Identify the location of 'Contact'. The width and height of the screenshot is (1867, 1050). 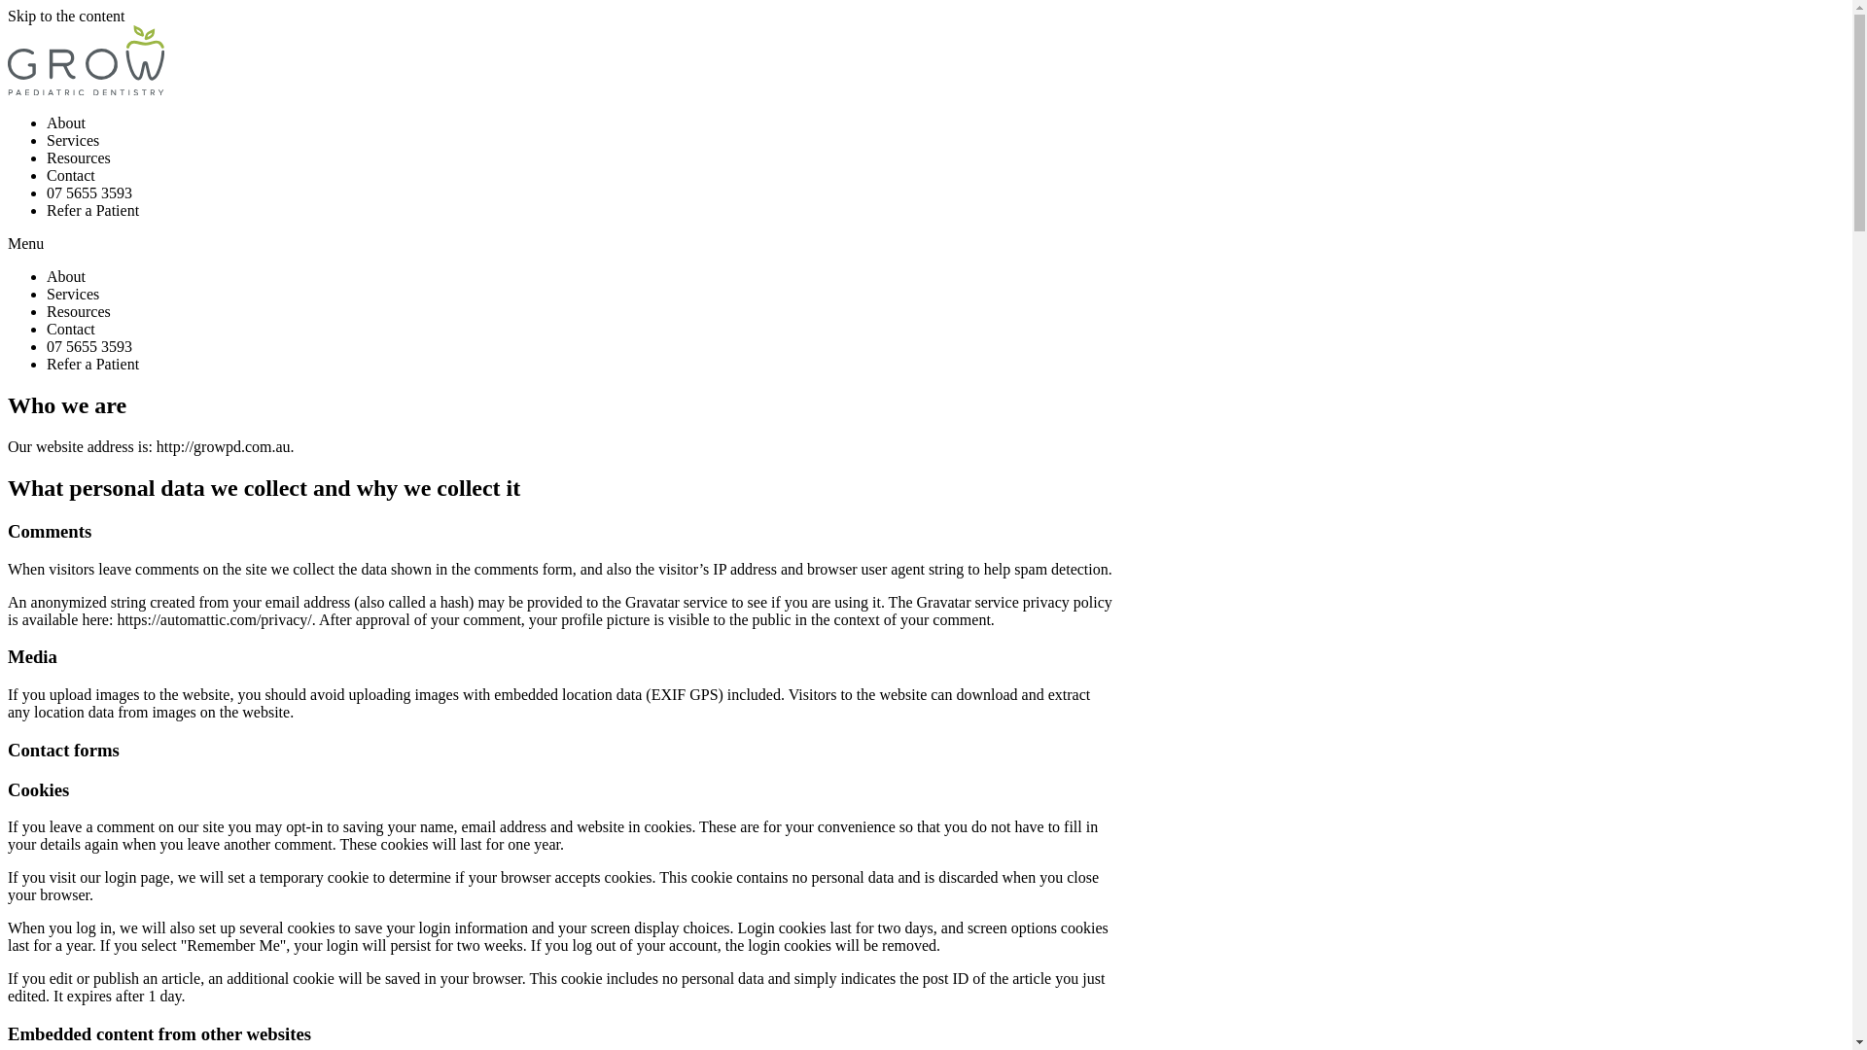
(70, 175).